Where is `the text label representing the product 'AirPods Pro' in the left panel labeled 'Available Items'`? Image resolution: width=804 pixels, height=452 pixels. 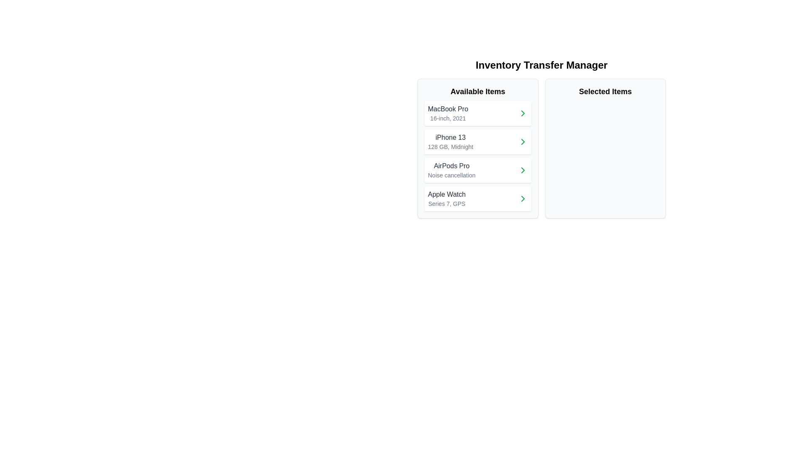
the text label representing the product 'AirPods Pro' in the left panel labeled 'Available Items' is located at coordinates (451, 166).